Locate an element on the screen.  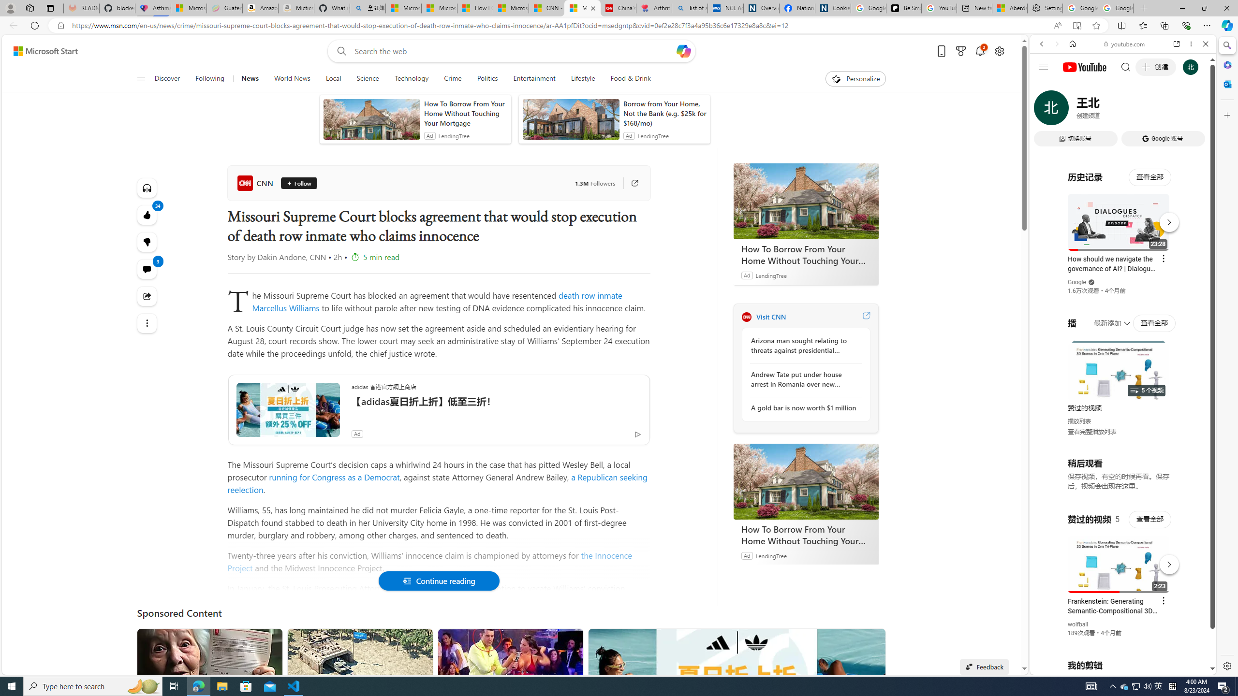
'Go to publisher' is located at coordinates (630, 183).